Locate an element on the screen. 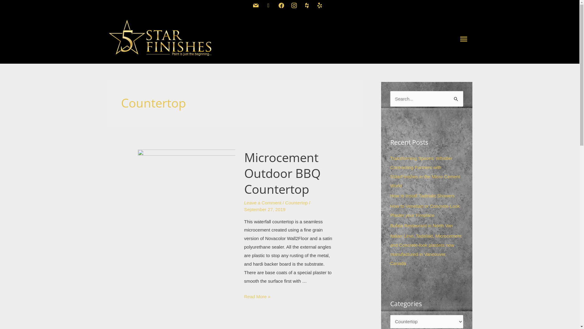 Image resolution: width=584 pixels, height=329 pixels. 'How to Install Tadelakt Showers' is located at coordinates (422, 196).